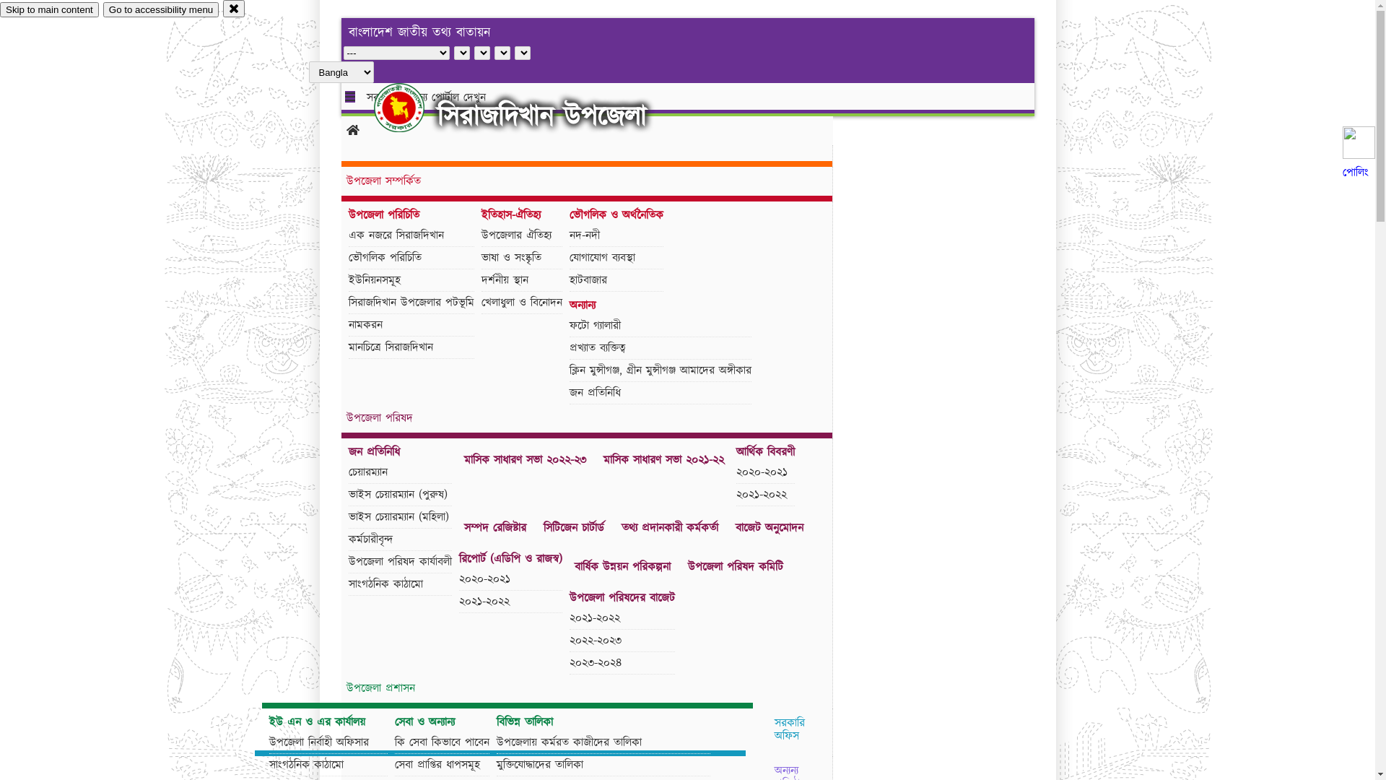 This screenshot has height=780, width=1386. Describe the element at coordinates (49, 9) in the screenshot. I see `'Skip to main content'` at that location.